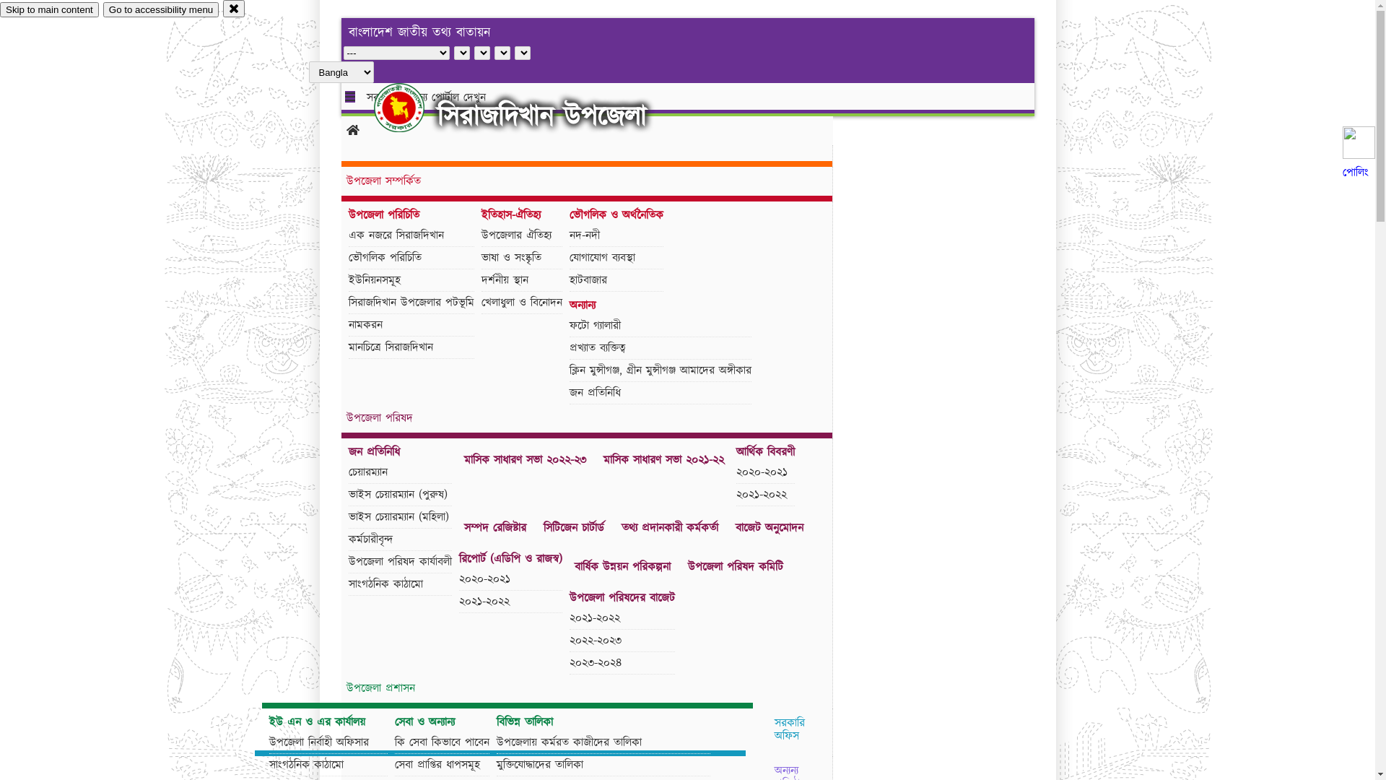 This screenshot has height=780, width=1386. Describe the element at coordinates (49, 9) in the screenshot. I see `'Skip to main content'` at that location.